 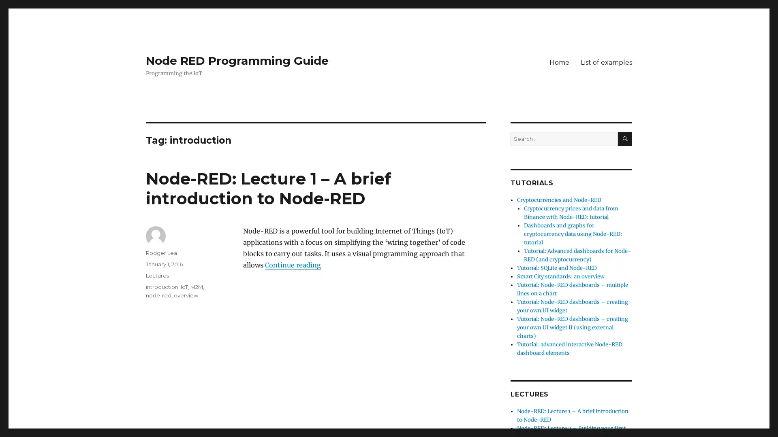 I want to click on SEARCH, so click(x=624, y=138).